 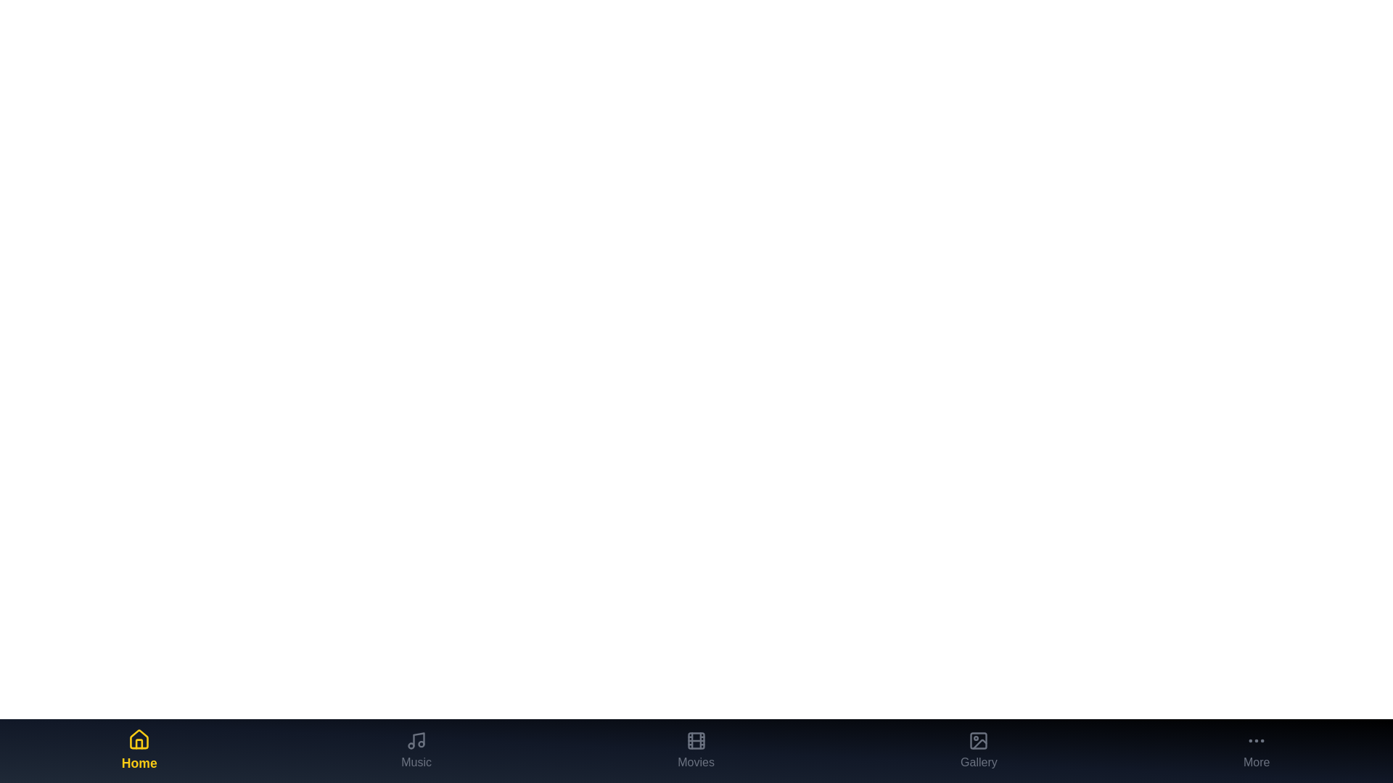 What do you see at coordinates (979, 750) in the screenshot?
I see `the Gallery tab to observe its visual feedback` at bounding box center [979, 750].